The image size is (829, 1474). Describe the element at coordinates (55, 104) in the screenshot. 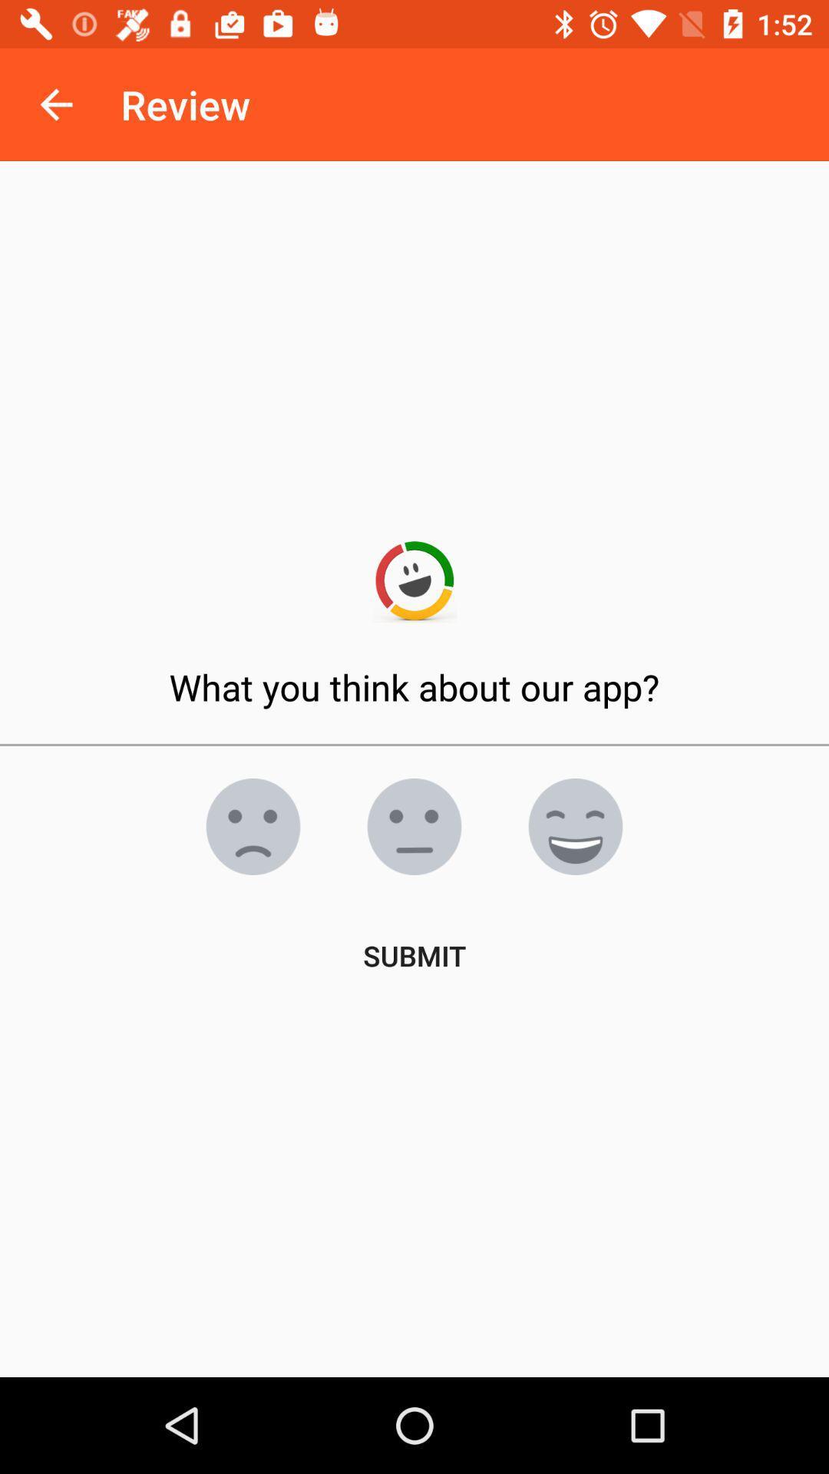

I see `app to the left of the review app` at that location.